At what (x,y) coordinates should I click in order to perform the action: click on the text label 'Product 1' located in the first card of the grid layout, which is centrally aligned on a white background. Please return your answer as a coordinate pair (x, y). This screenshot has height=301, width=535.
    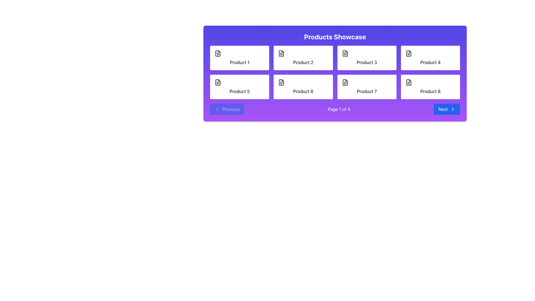
    Looking at the image, I should click on (240, 62).